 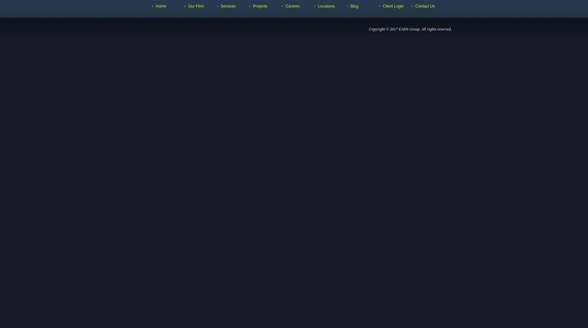 I want to click on 'Our Firm', so click(x=188, y=6).